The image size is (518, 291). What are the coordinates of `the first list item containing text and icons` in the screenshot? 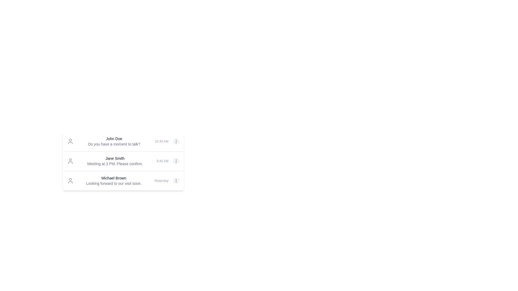 It's located at (123, 141).